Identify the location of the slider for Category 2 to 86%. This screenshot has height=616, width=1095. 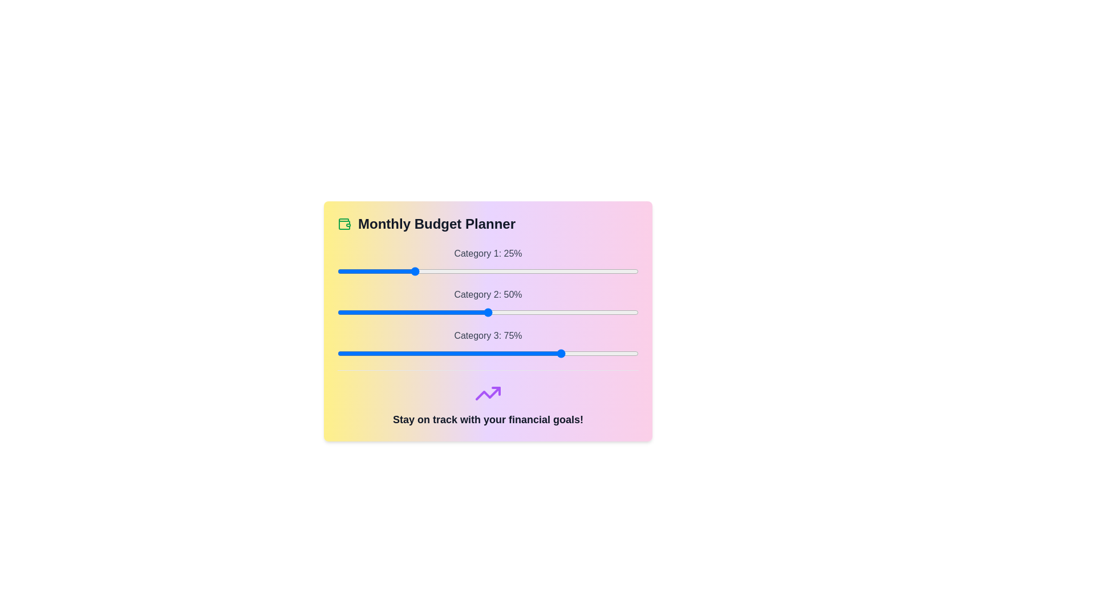
(596, 312).